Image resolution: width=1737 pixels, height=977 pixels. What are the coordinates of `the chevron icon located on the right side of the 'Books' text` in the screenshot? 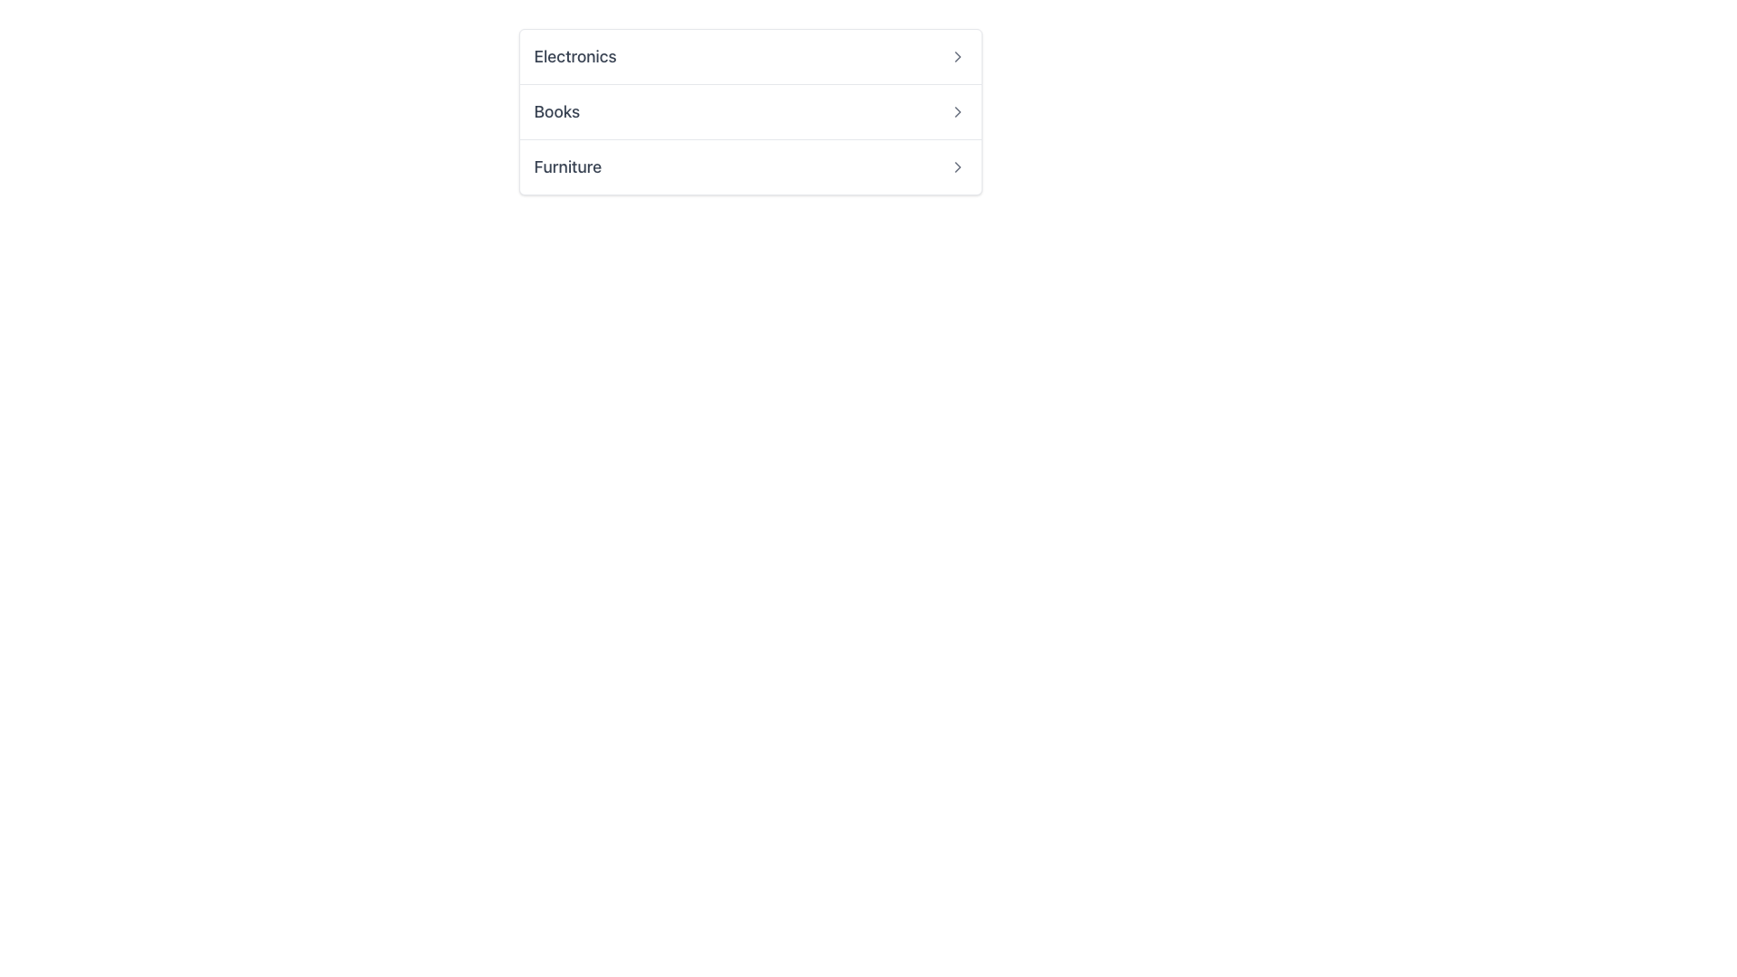 It's located at (956, 111).